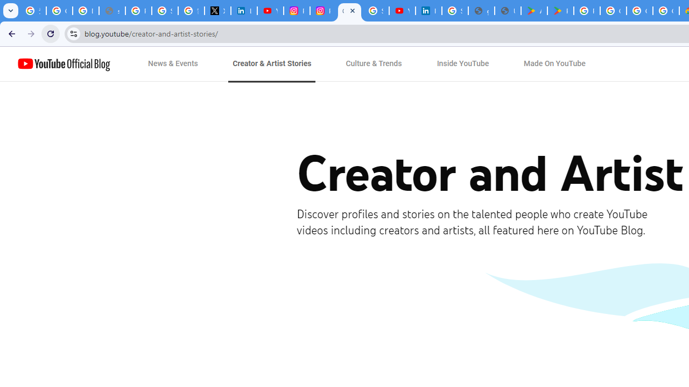  I want to click on 'Inside YouTube', so click(463, 64).